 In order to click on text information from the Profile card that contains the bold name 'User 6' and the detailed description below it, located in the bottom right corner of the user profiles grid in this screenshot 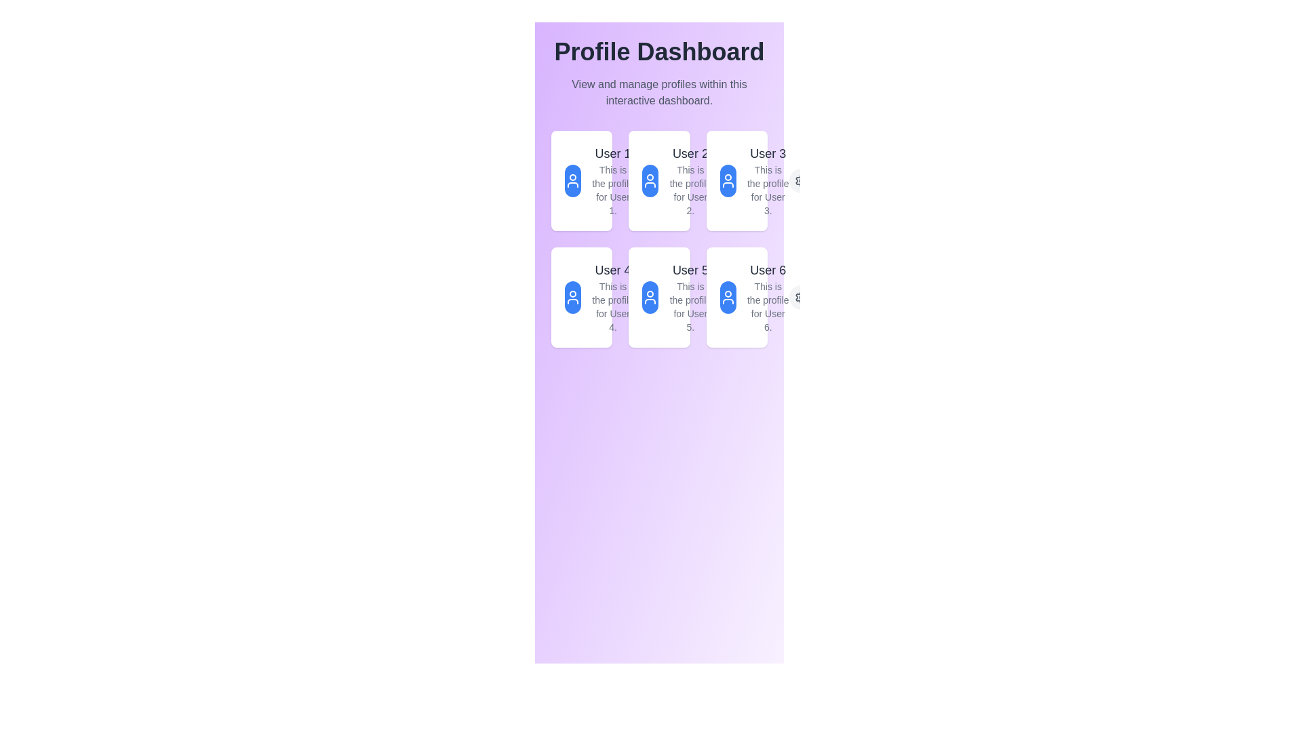, I will do `click(753, 297)`.